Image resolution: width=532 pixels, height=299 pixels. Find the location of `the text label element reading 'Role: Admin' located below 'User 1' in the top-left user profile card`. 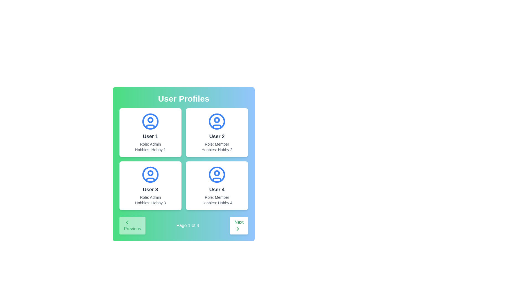

the text label element reading 'Role: Admin' located below 'User 1' in the top-left user profile card is located at coordinates (150, 144).